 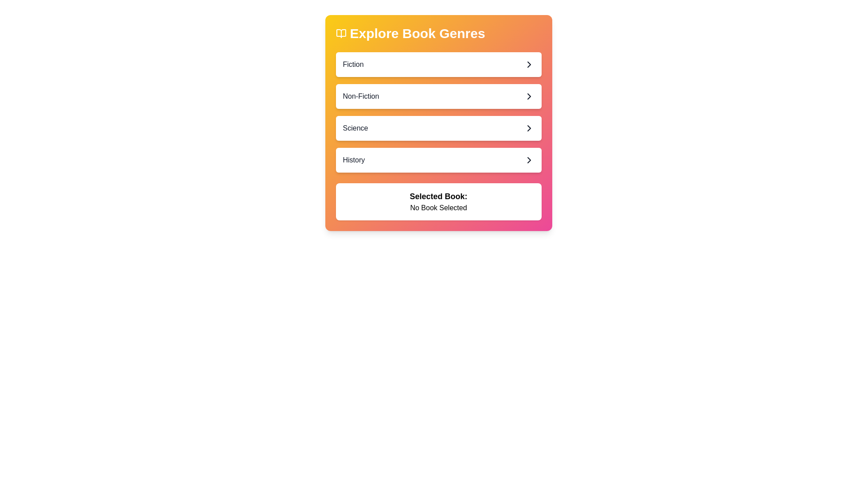 I want to click on the selectable list item labeled 'Science', which is the third item in the list of book genre options, so click(x=438, y=128).